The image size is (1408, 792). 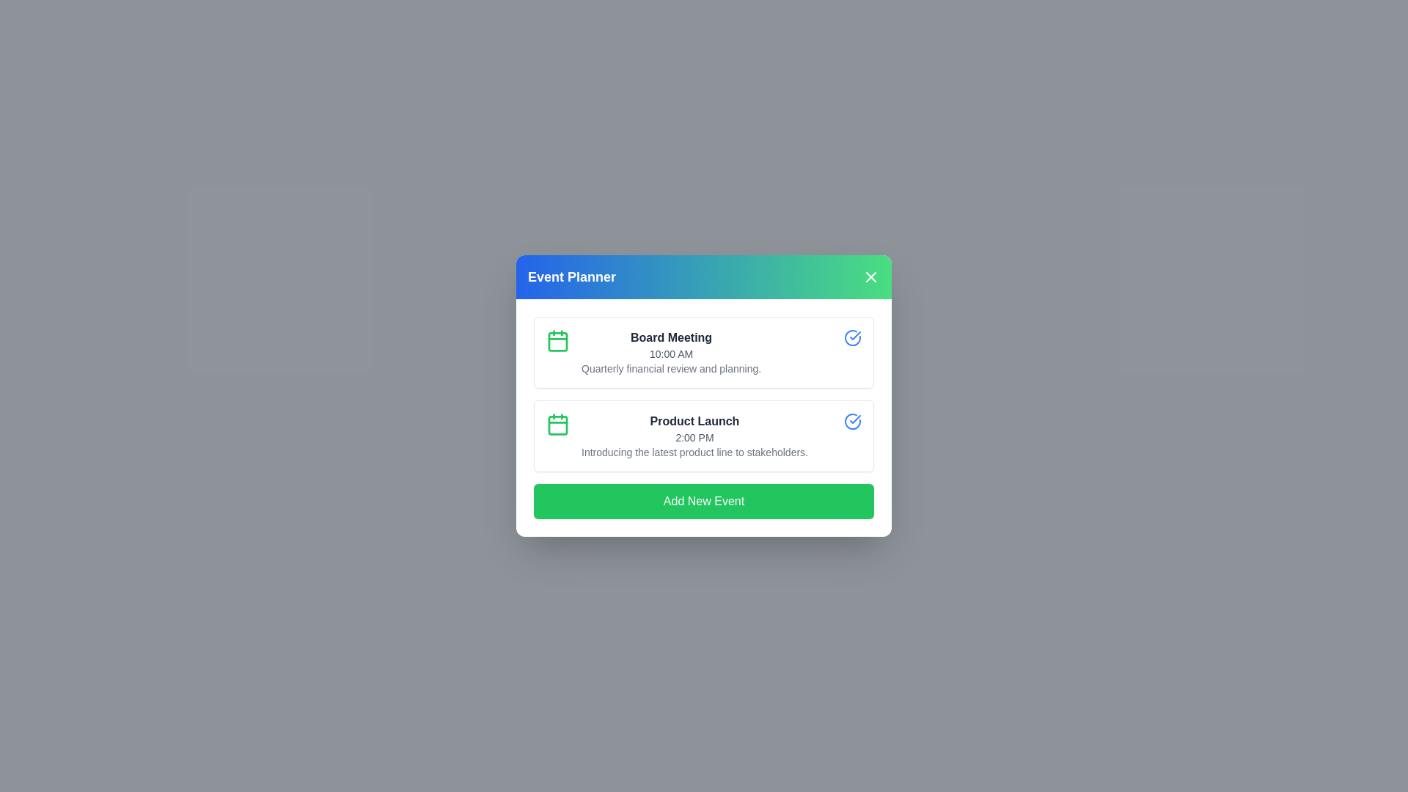 What do you see at coordinates (855, 419) in the screenshot?
I see `the checkmark icon with a blue stroke, located in the top-right corner of the upper event entry for 'Board Meeting'` at bounding box center [855, 419].